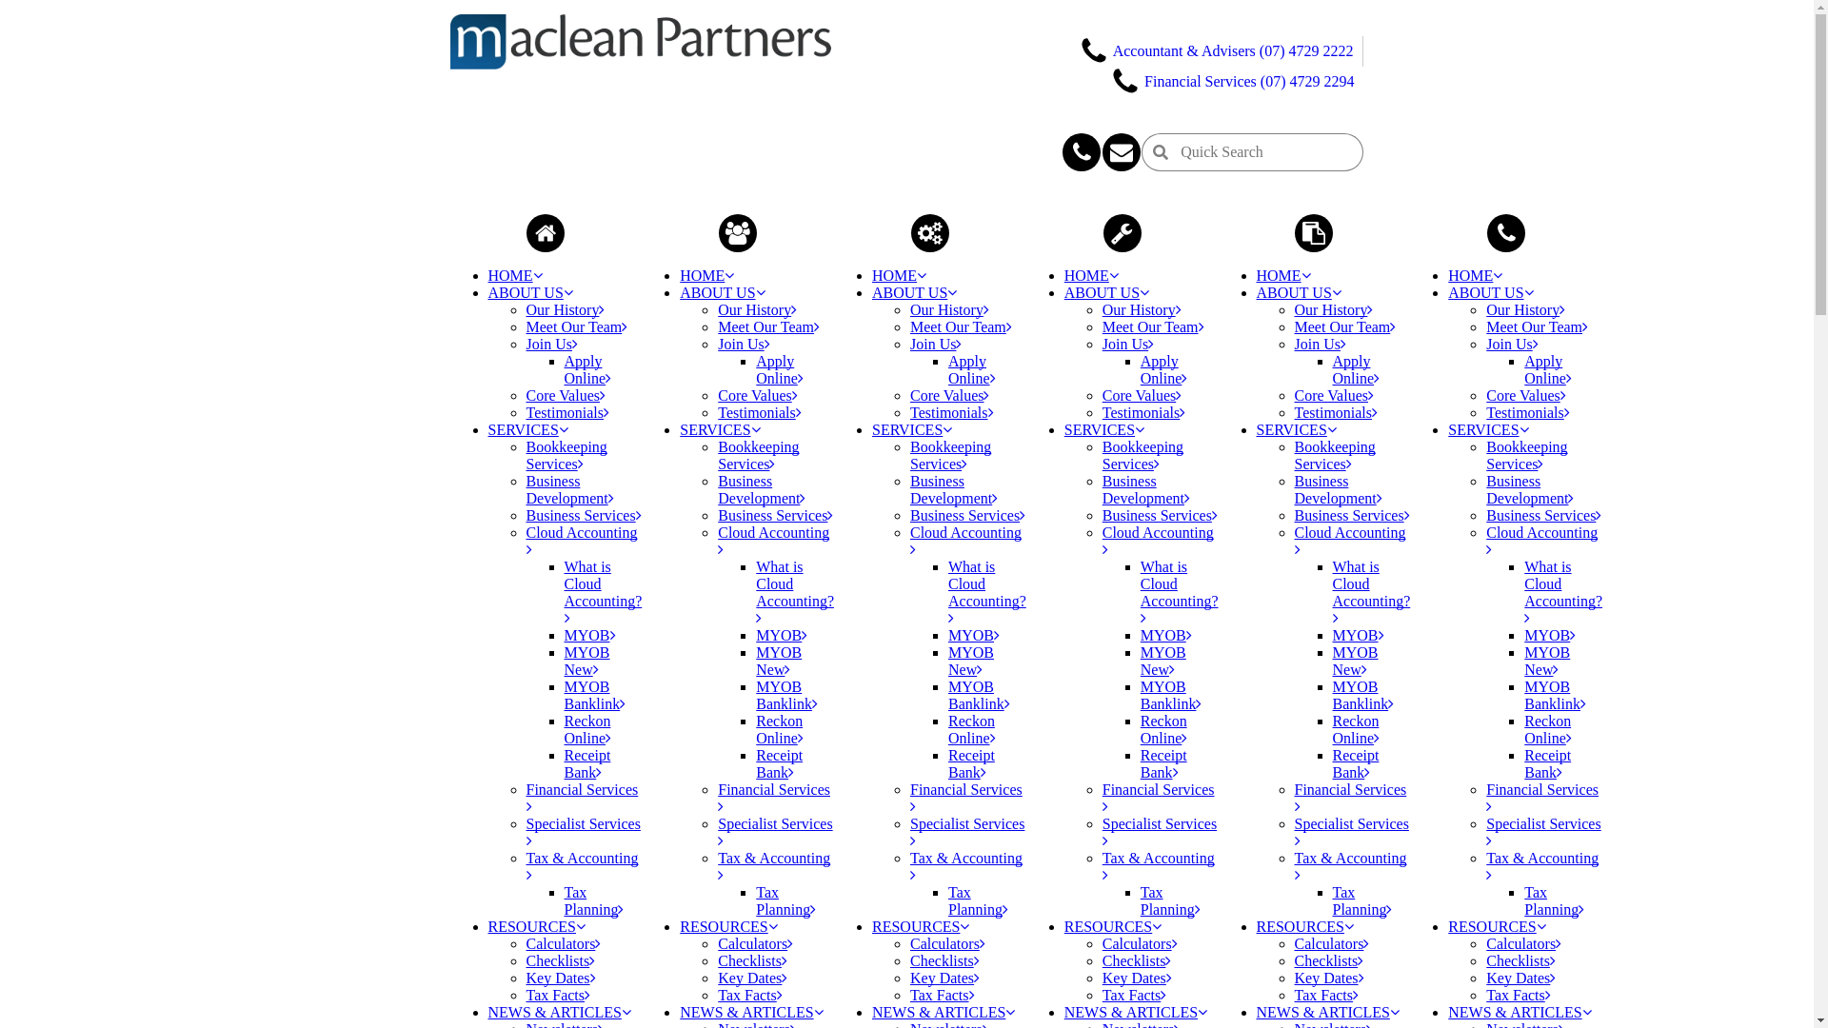  Describe the element at coordinates (1320, 344) in the screenshot. I see `'Join Us'` at that location.